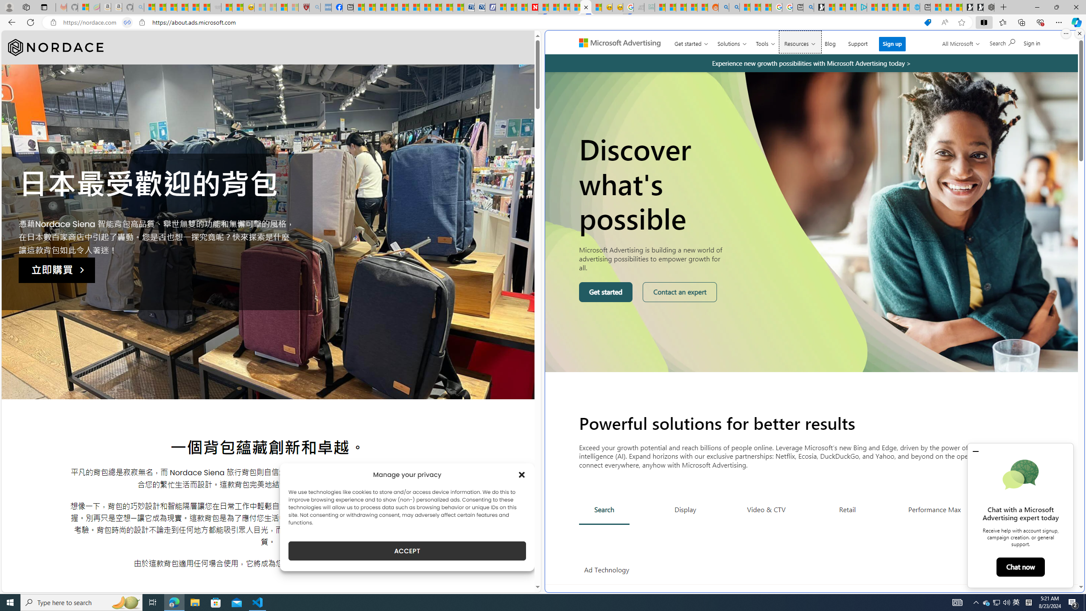  I want to click on 'The Weather Channel - MSN', so click(171, 7).